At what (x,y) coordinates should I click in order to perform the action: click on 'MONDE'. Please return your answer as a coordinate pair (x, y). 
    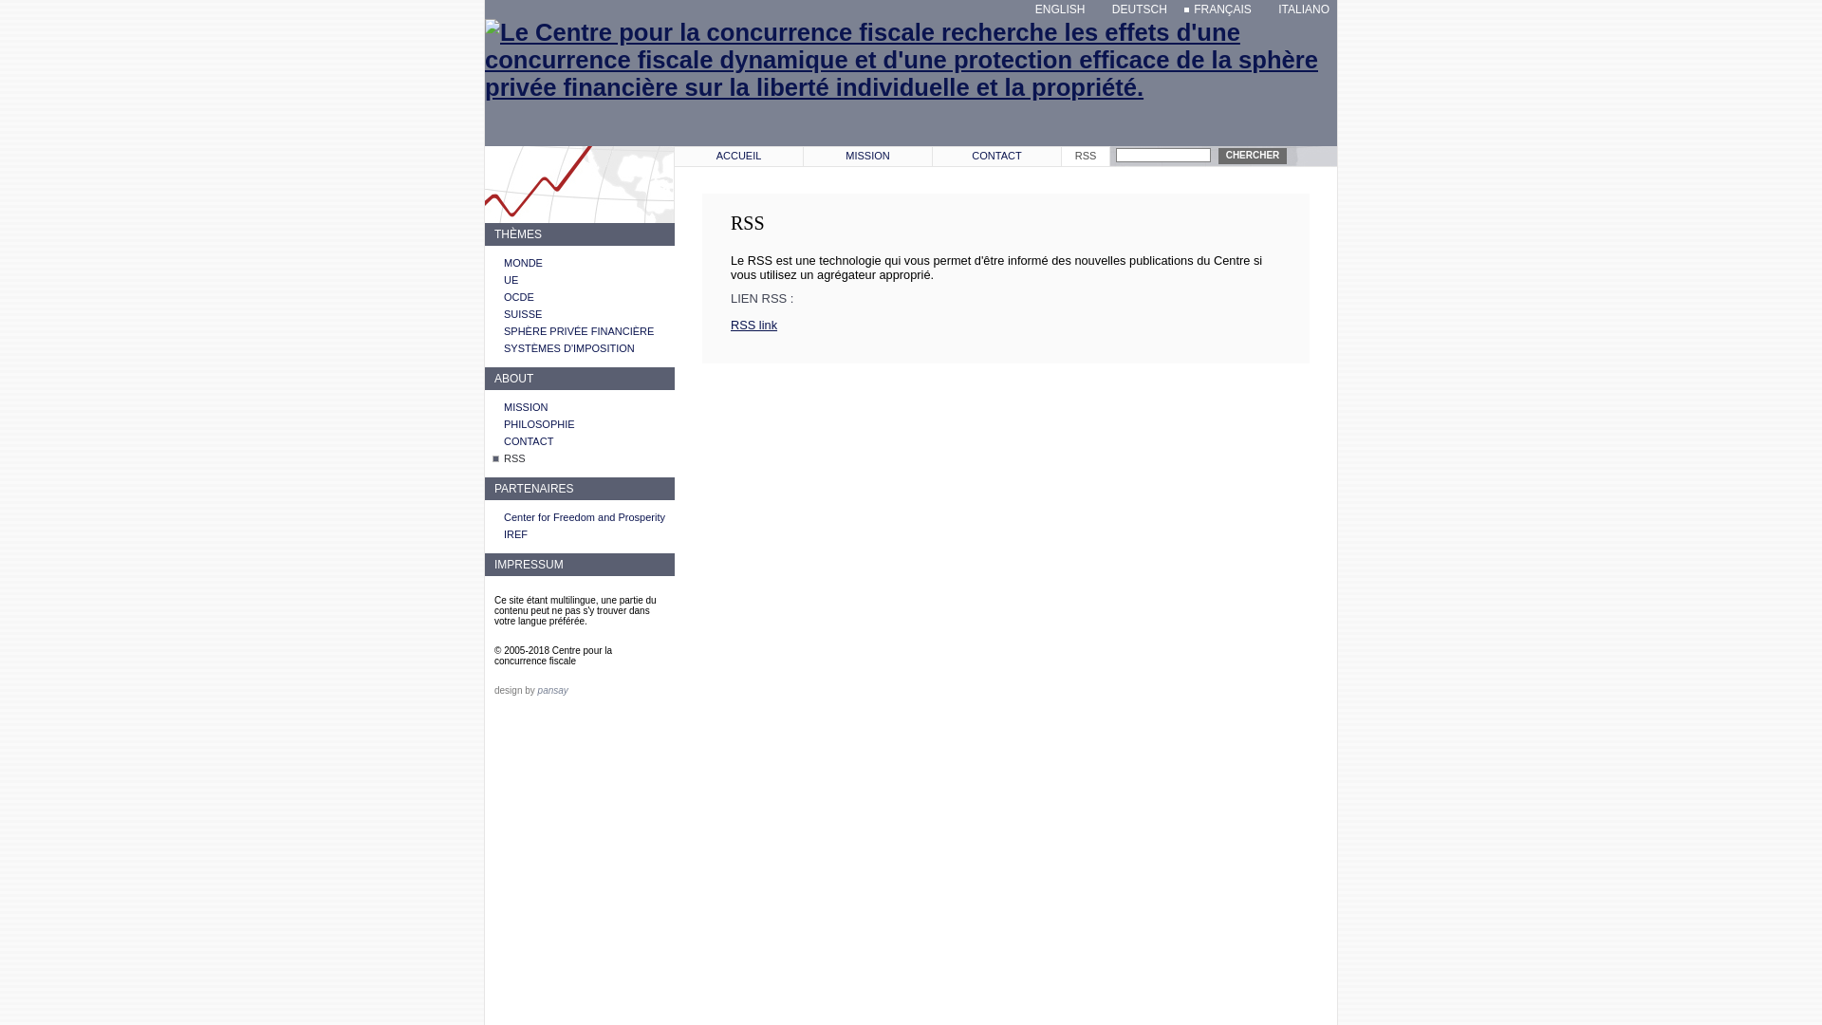
    Looking at the image, I should click on (504, 263).